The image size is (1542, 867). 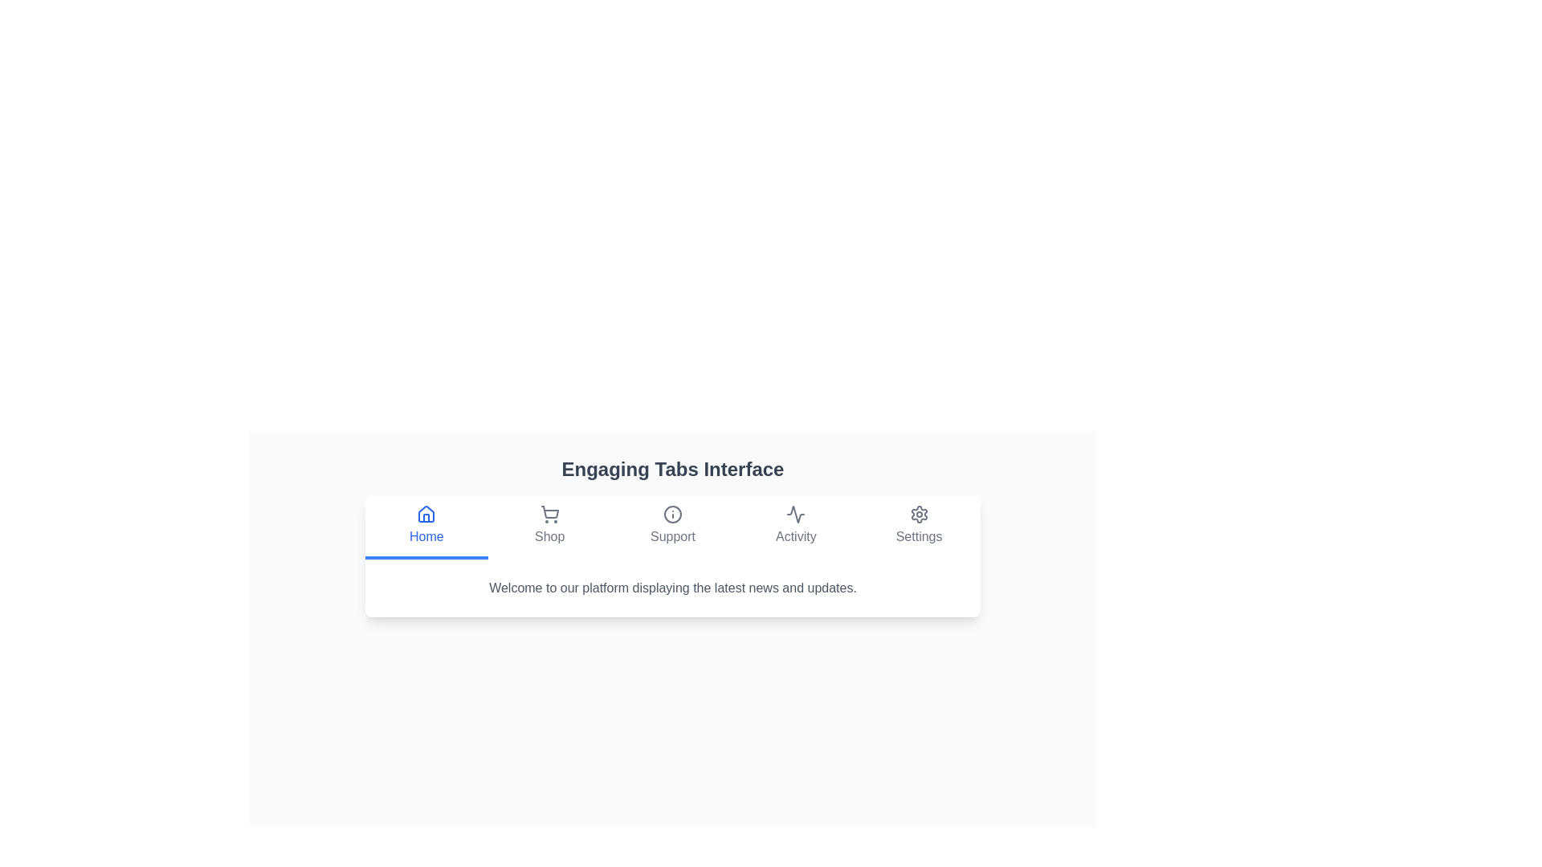 I want to click on the 'Shop' tab navigation item, which is the second tab from the left, featuring a shopping cart icon above the text, so click(x=549, y=526).